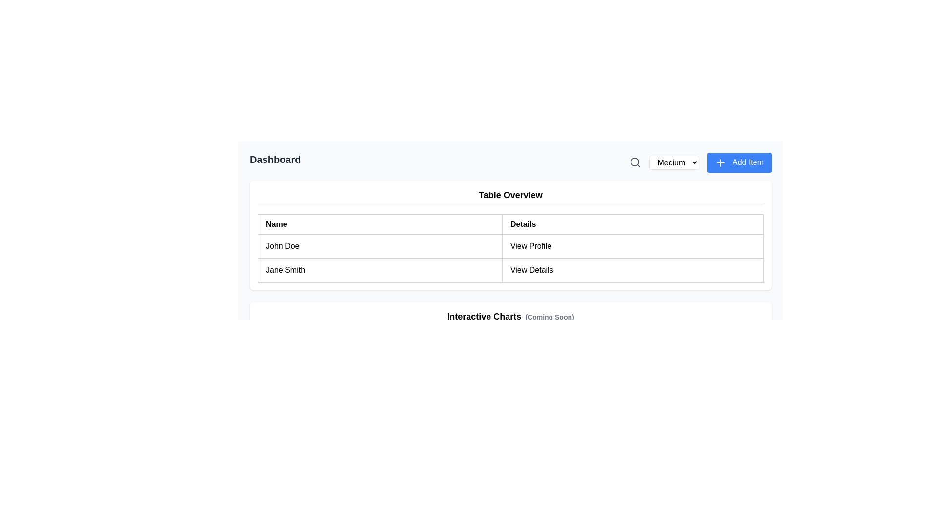 The height and width of the screenshot is (527, 937). What do you see at coordinates (510, 245) in the screenshot?
I see `the first row of the table containing 'John Doe' and 'View Profile'` at bounding box center [510, 245].